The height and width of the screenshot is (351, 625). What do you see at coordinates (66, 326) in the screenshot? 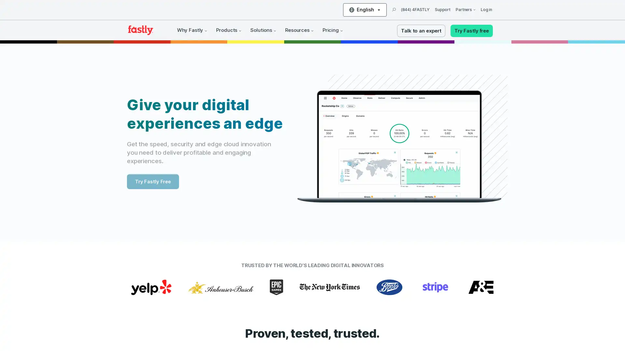
I see `Cookies Settings` at bounding box center [66, 326].